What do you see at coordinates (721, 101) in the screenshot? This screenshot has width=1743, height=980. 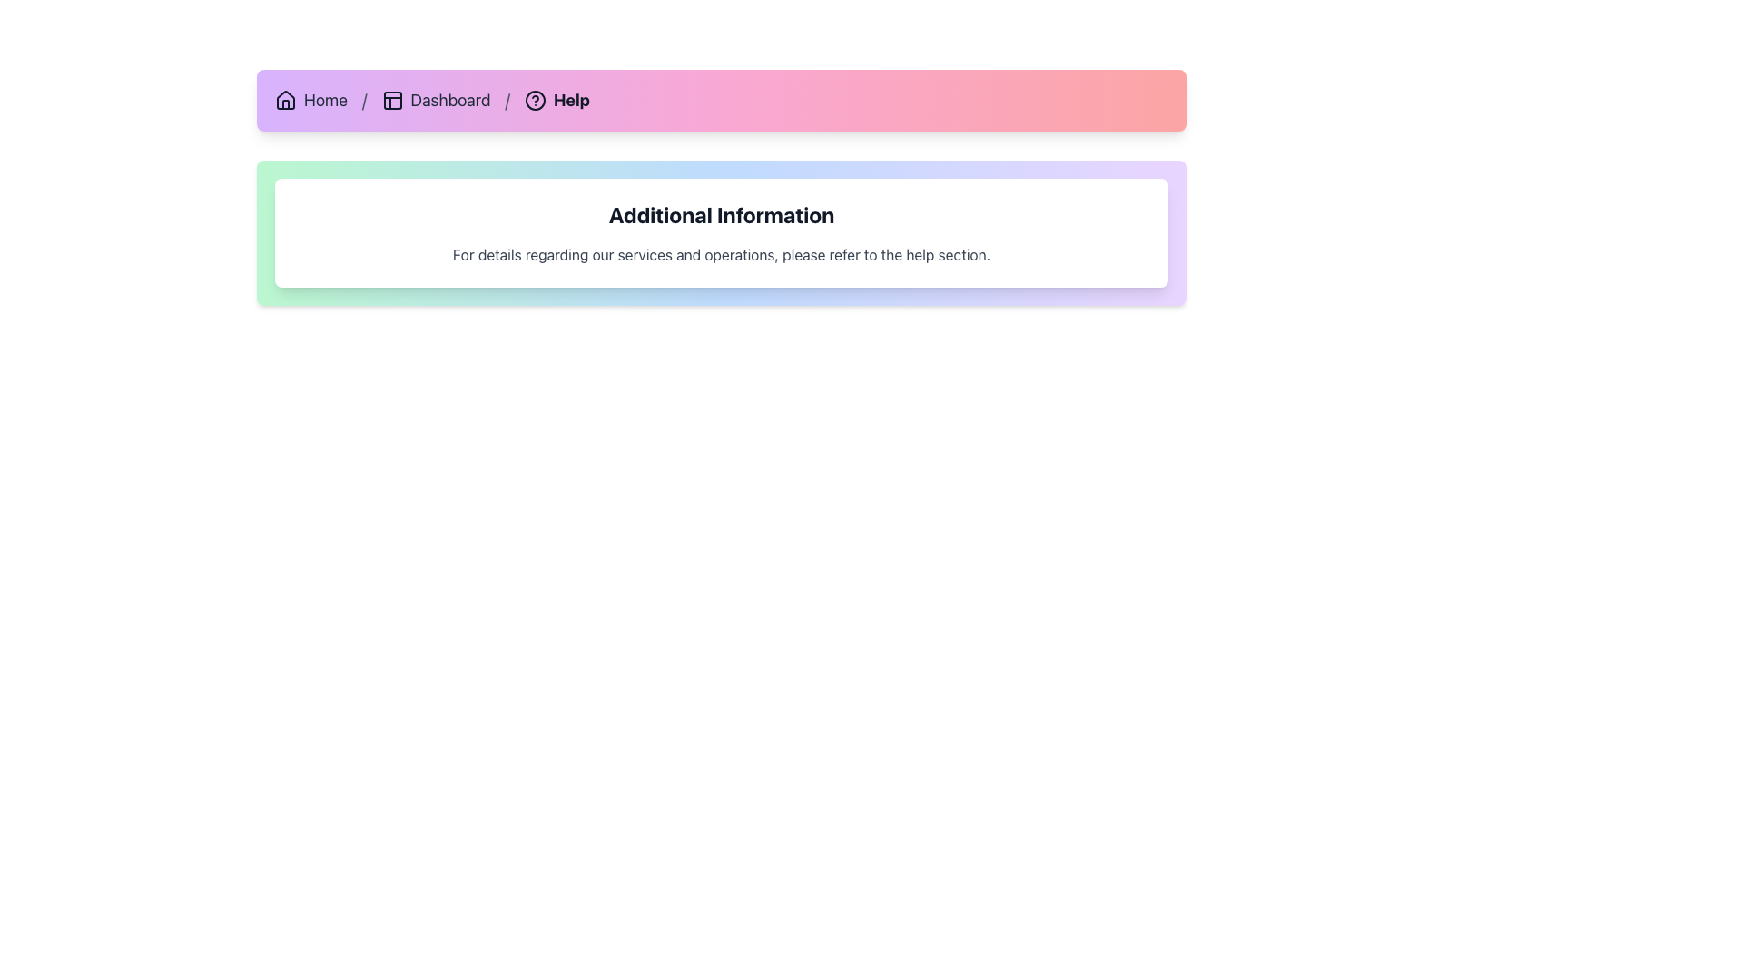 I see `the Breadcrumb navigation bar` at bounding box center [721, 101].